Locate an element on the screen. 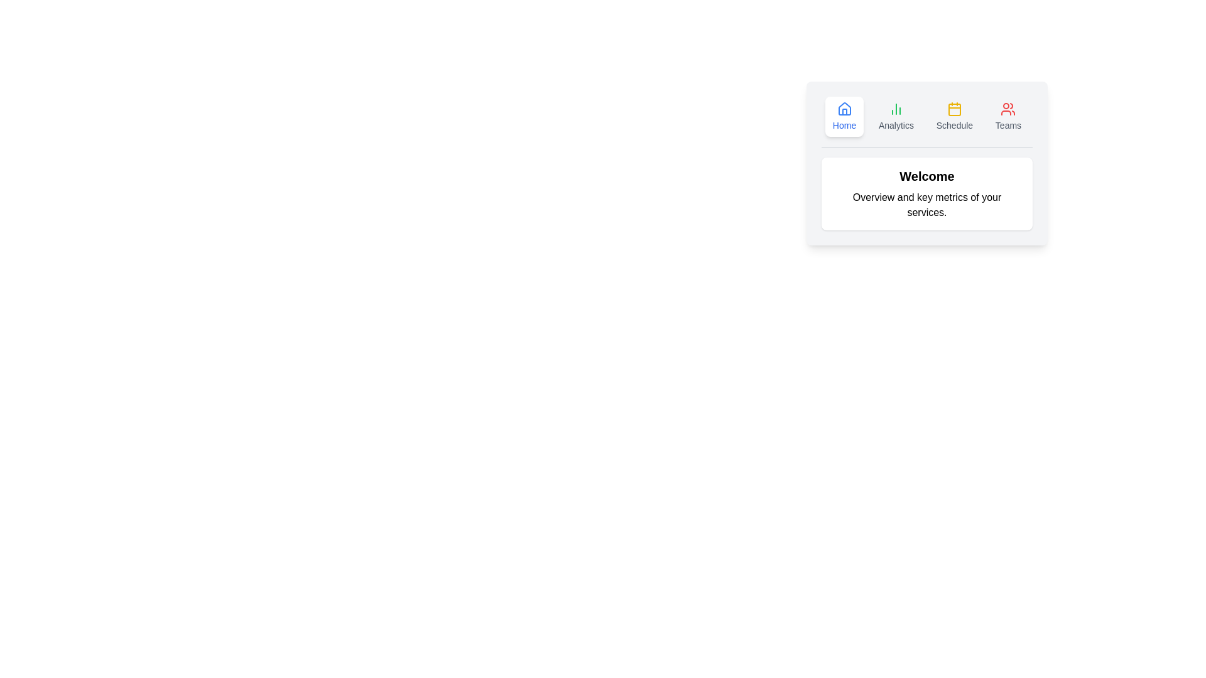 This screenshot has width=1206, height=678. the calendar icon in the navigation menu is located at coordinates (954, 108).